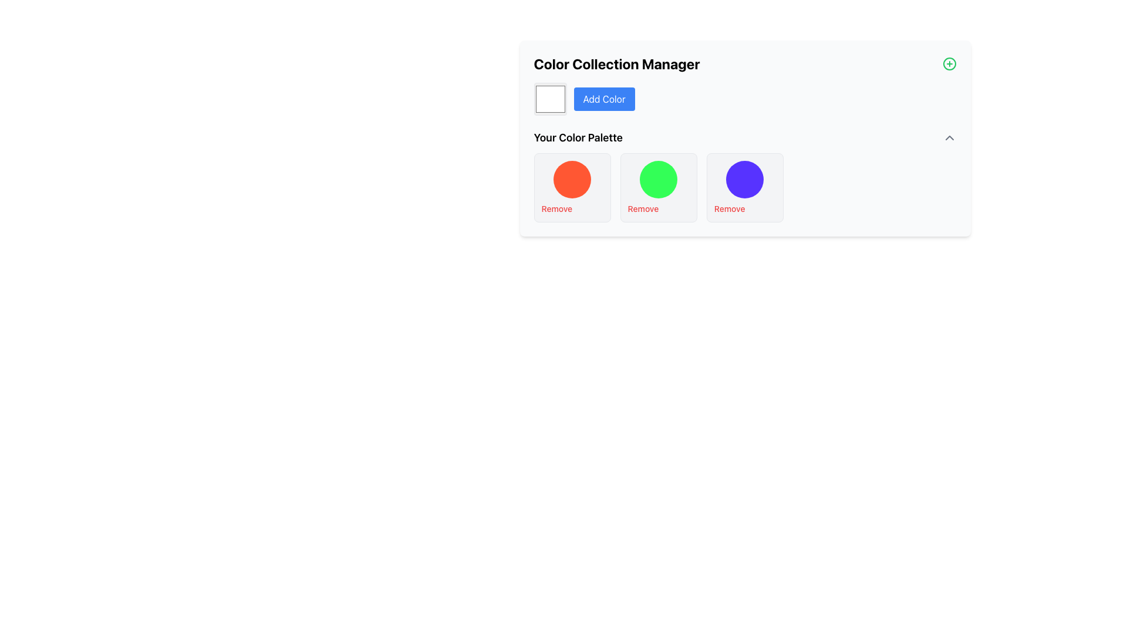 The image size is (1127, 634). What do you see at coordinates (729, 208) in the screenshot?
I see `the red 'Remove' button located beneath the purple circular graphic in the third card of the 'Your Color Palette' section` at bounding box center [729, 208].